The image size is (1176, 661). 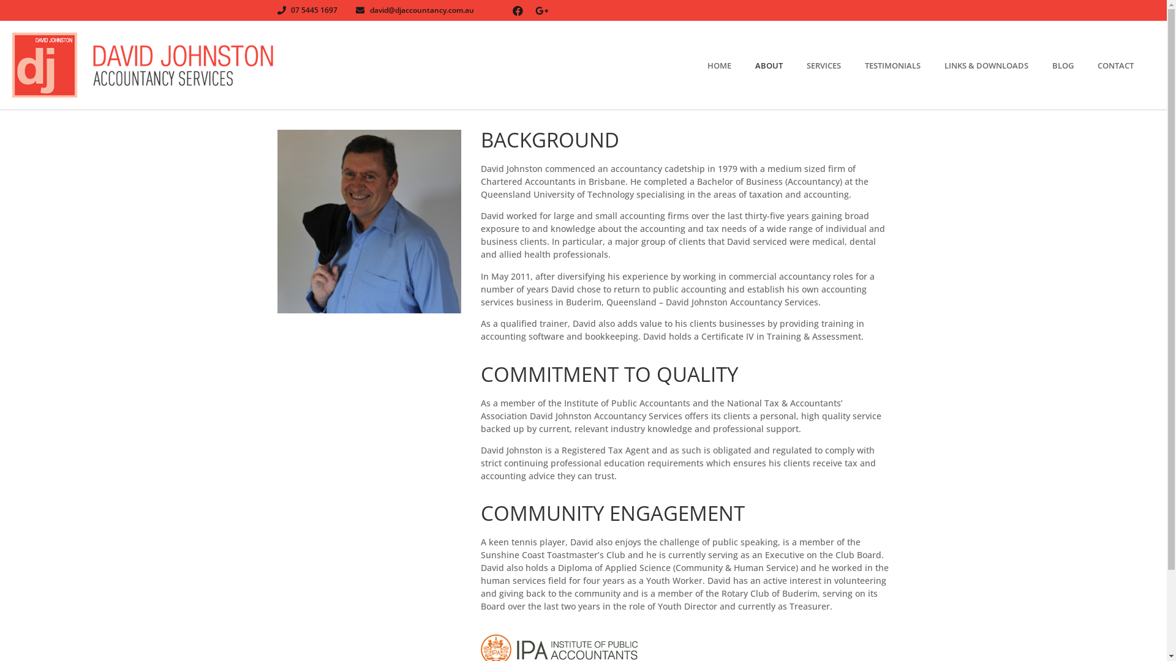 I want to click on 'LINKS & DOWNLOADS', so click(x=998, y=65).